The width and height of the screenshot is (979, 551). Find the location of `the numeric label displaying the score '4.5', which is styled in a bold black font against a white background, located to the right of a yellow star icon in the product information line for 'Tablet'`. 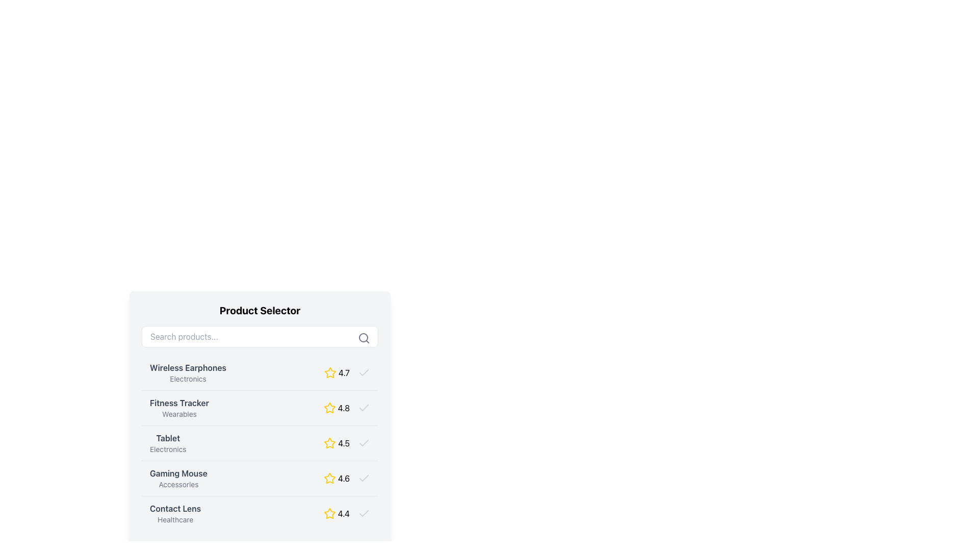

the numeric label displaying the score '4.5', which is styled in a bold black font against a white background, located to the right of a yellow star icon in the product information line for 'Tablet' is located at coordinates (344, 442).